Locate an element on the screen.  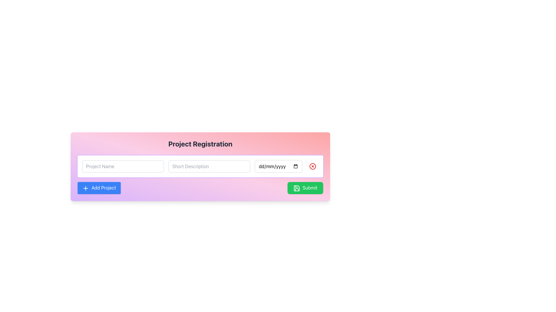
the circular close button with a red border and diagonal cross pattern, located to the right of the date input field is located at coordinates (312, 166).